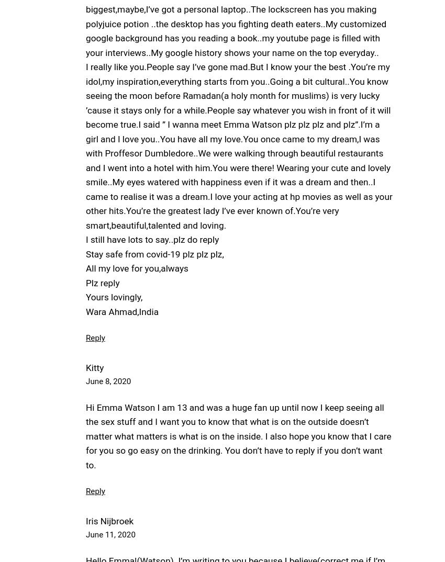 The height and width of the screenshot is (562, 445). Describe the element at coordinates (85, 146) in the screenshot. I see `'I really like you.People say I’ve gone mad.But I know your the best .You’re my idol,my inspiration,everything starts from you..Going a bit cultural..You know seeing the moon before Ramadan(a holy month for muslims) is very lucky ’cause it stays only for a while.People say whatever you wish in front of it will become true.I said ” I wanna meet Emma Watson plz plz plz and plz”.I’m a girl and I love you..You have all my love.You once came to my dream,I was with Proffesor Dumbledore..We were walking through beautiful restaurants and I went into a hotel with him.You were there! Wearing your cute and lovely smile..My eyes watered with happiness even if it was a dream and then..I came to realise it was a dream.I love your acting at hp movies as well as your other hits.You’re the greatest lady I’ve ever known of.You’re very smart,beautiful,talented and loving.'` at that location.